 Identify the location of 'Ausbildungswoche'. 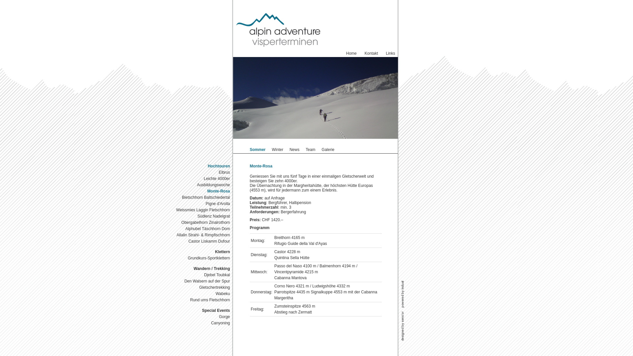
(201, 185).